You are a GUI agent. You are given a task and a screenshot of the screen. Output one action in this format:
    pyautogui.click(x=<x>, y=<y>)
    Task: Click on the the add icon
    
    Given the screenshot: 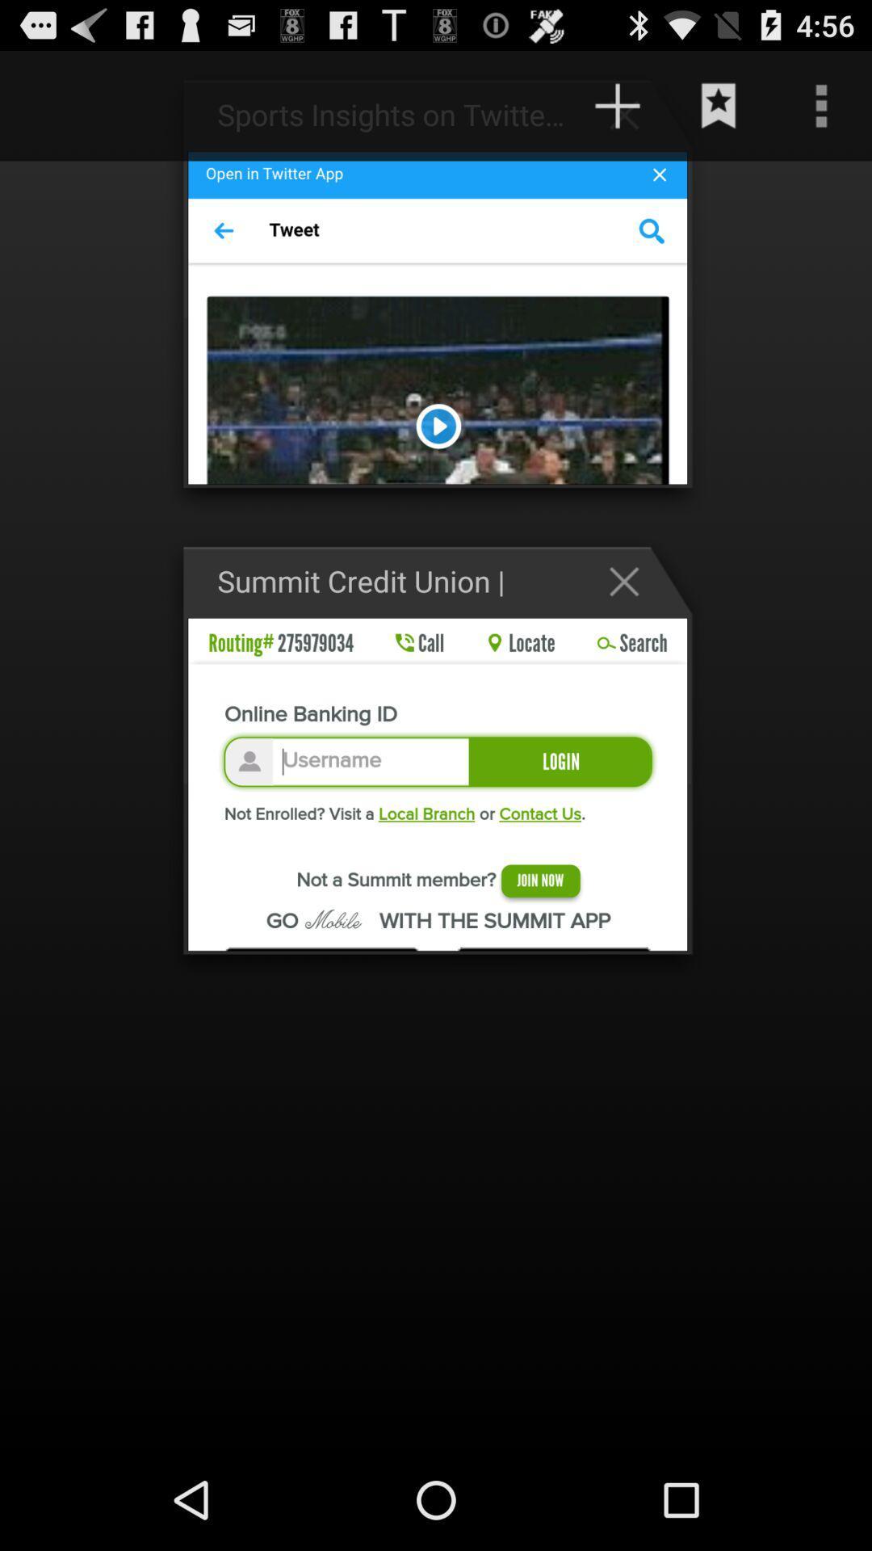 What is the action you would take?
    pyautogui.click(x=617, y=112)
    